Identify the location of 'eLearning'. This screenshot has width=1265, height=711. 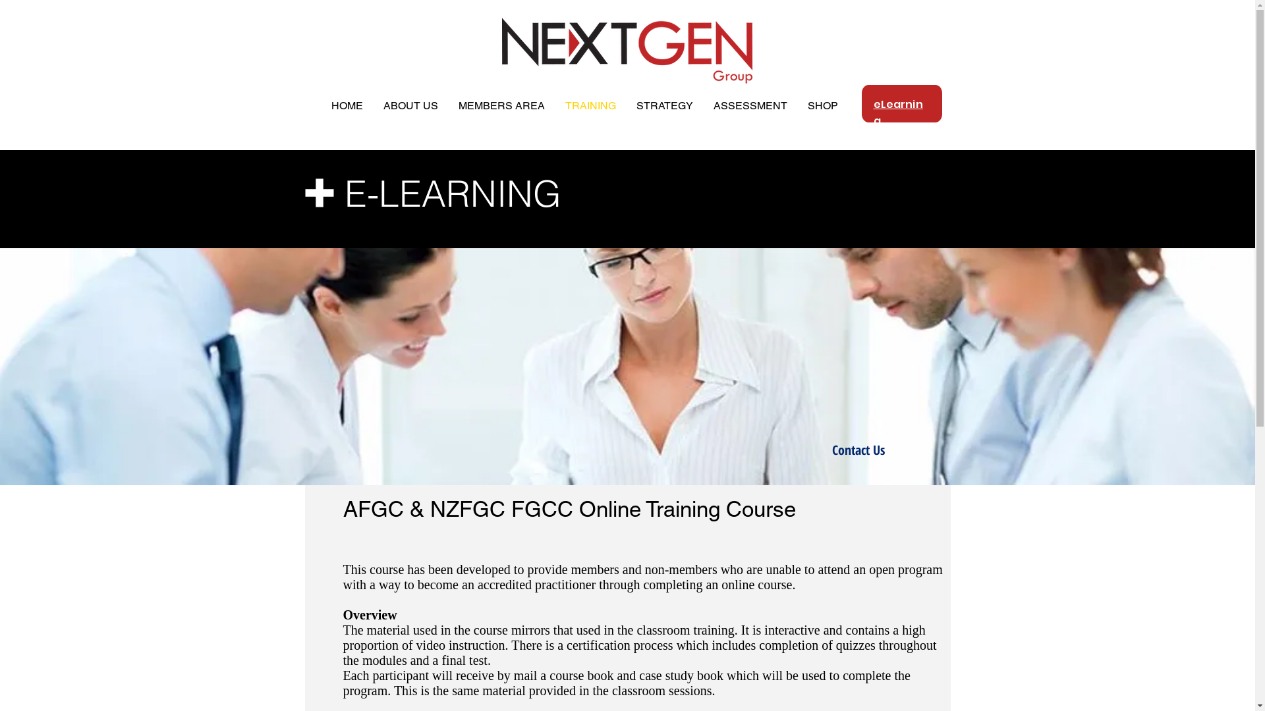
(873, 111).